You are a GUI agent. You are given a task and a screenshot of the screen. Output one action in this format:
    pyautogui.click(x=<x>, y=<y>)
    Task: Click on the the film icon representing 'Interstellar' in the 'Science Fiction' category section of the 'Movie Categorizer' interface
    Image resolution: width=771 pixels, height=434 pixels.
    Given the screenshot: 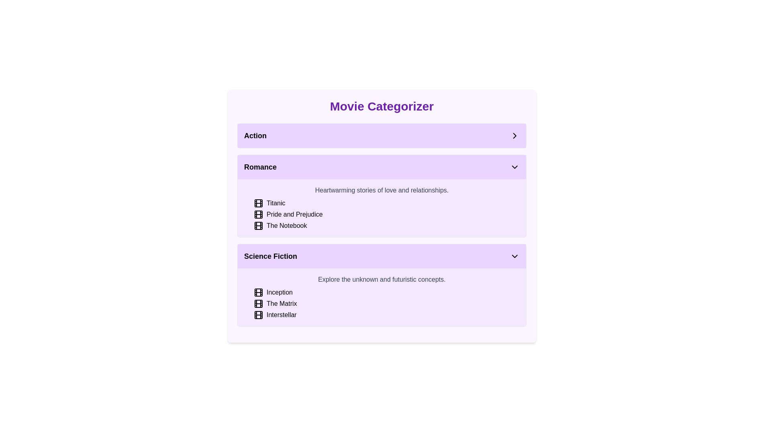 What is the action you would take?
    pyautogui.click(x=258, y=314)
    